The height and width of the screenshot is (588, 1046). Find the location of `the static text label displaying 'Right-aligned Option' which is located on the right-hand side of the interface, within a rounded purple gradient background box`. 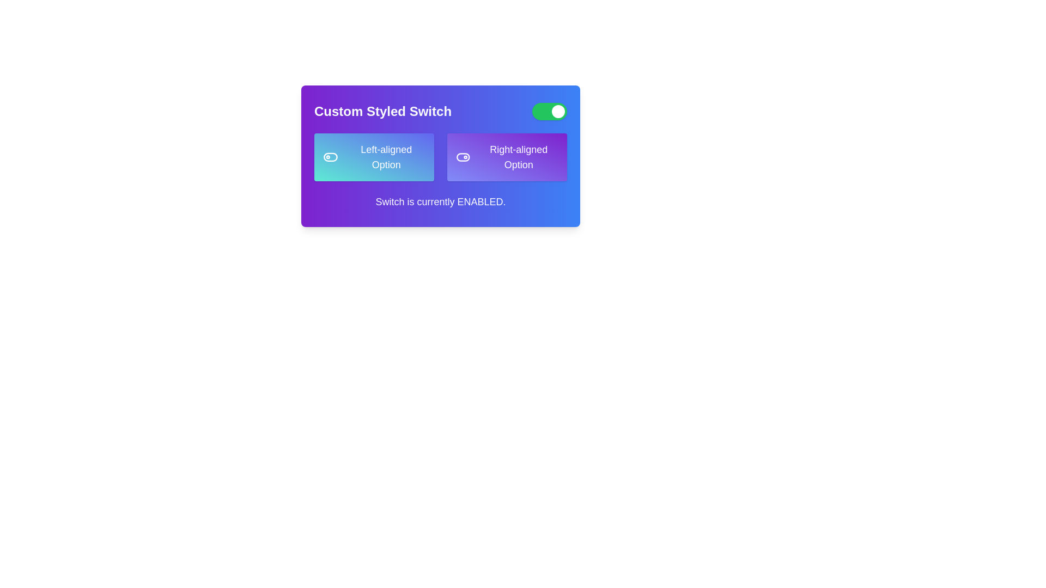

the static text label displaying 'Right-aligned Option' which is located on the right-hand side of the interface, within a rounded purple gradient background box is located at coordinates (518, 157).